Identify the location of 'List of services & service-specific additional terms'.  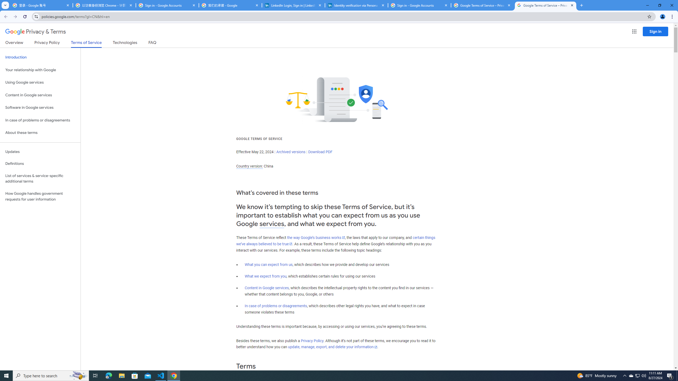
(40, 178).